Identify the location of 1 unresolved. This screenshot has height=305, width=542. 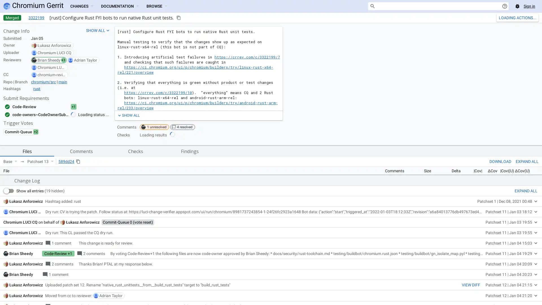
(154, 127).